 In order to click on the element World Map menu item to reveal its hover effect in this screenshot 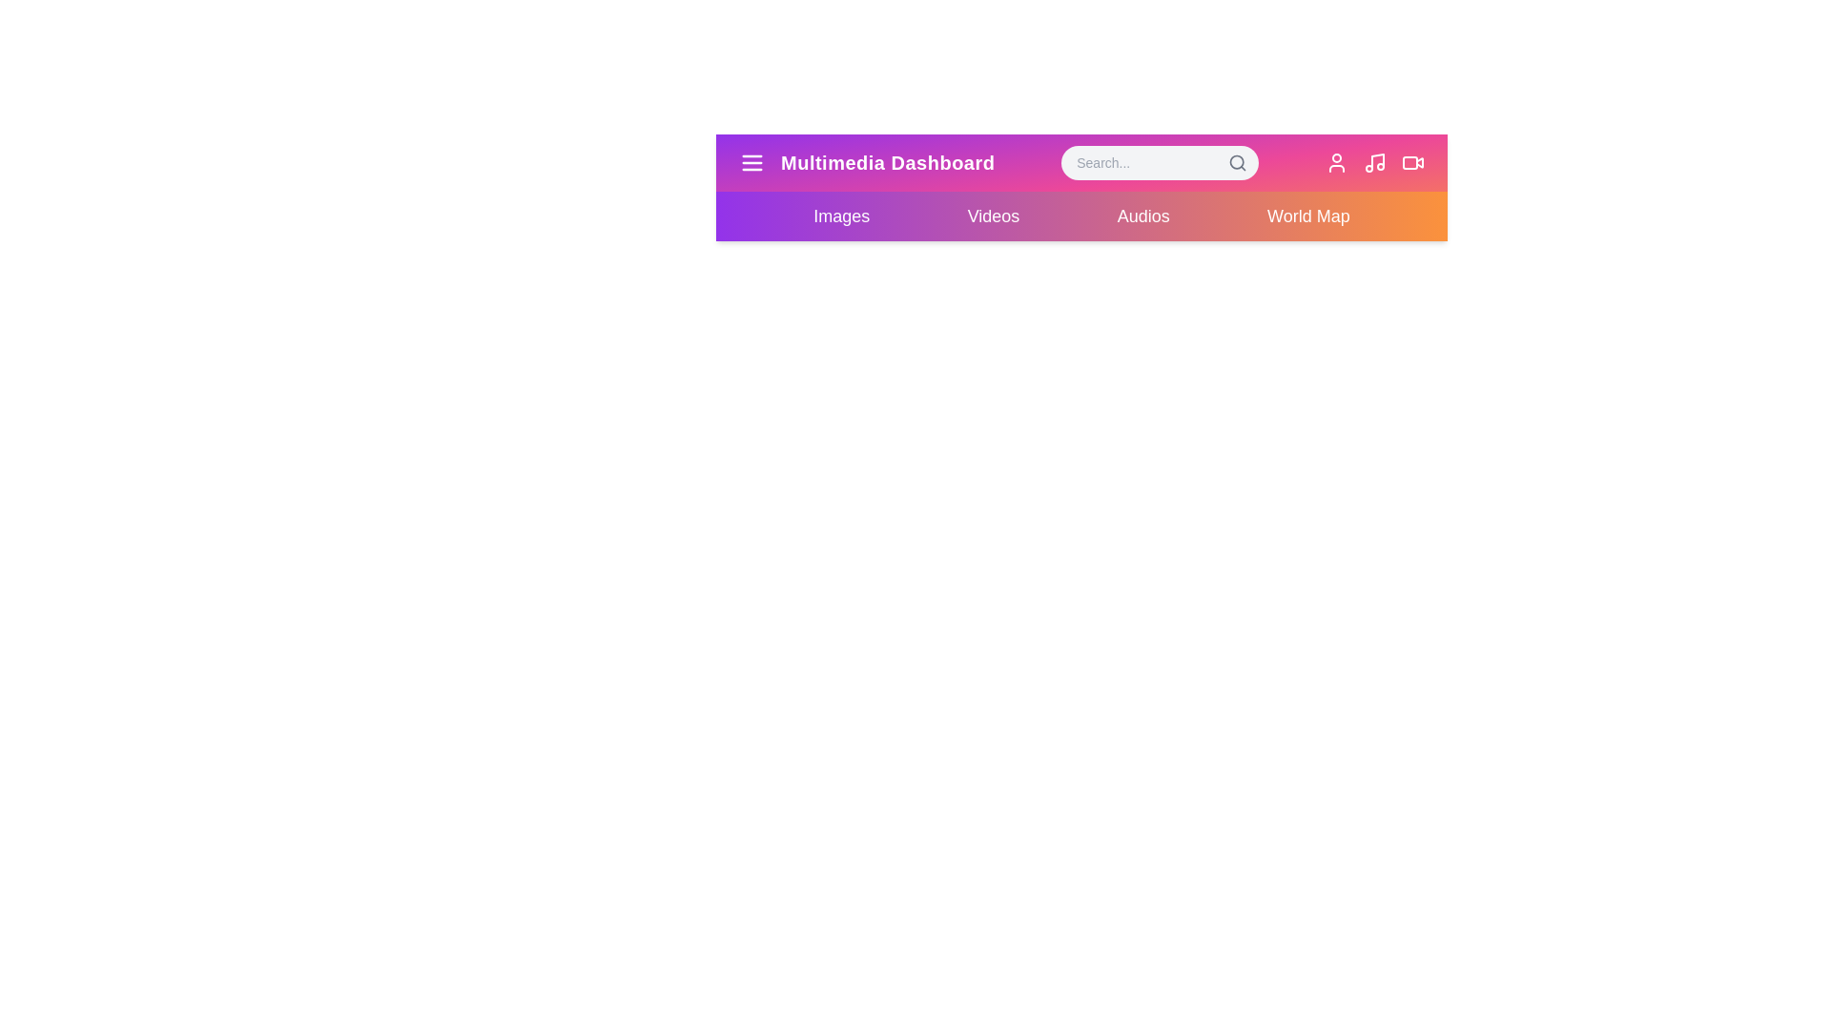, I will do `click(1307, 216)`.